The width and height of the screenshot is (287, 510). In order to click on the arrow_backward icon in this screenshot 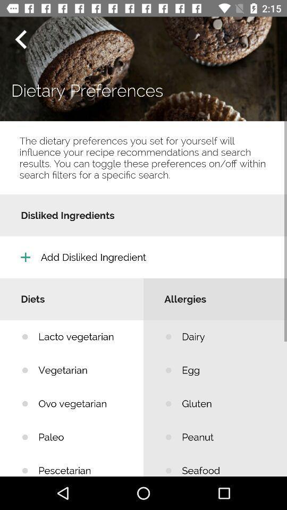, I will do `click(20, 39)`.